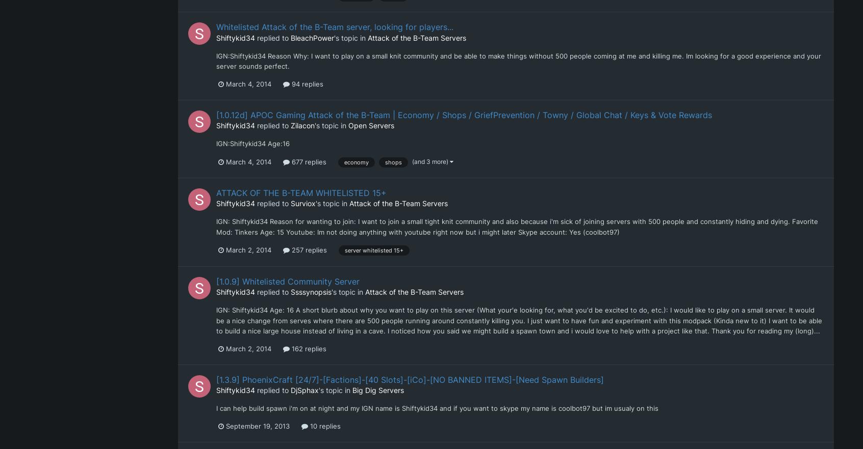 The height and width of the screenshot is (449, 863). What do you see at coordinates (288, 280) in the screenshot?
I see `'[1.0.9] Whitelisted Community Server'` at bounding box center [288, 280].